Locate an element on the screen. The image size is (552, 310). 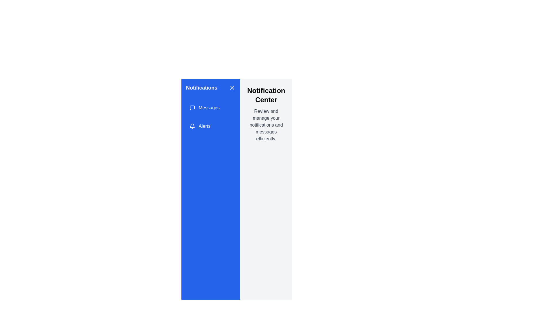
the bold header-style text displaying 'Notification Center' located at the top right of the section is located at coordinates (266, 95).